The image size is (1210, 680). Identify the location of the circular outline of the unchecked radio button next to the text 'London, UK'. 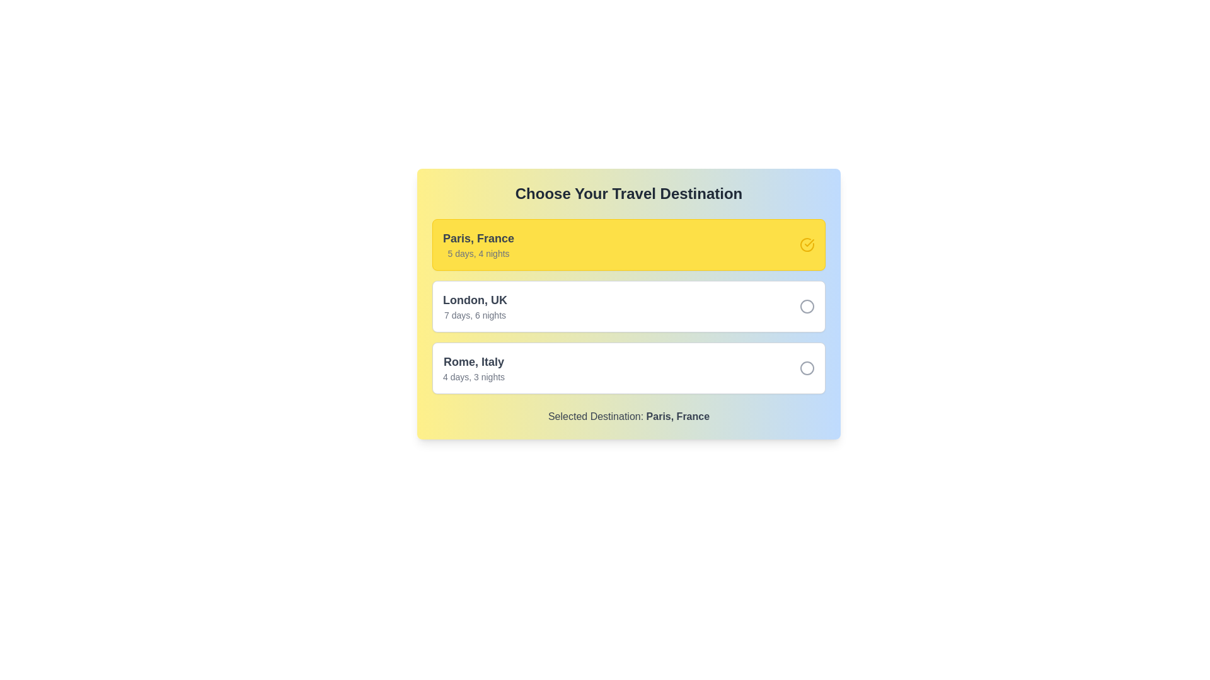
(807, 306).